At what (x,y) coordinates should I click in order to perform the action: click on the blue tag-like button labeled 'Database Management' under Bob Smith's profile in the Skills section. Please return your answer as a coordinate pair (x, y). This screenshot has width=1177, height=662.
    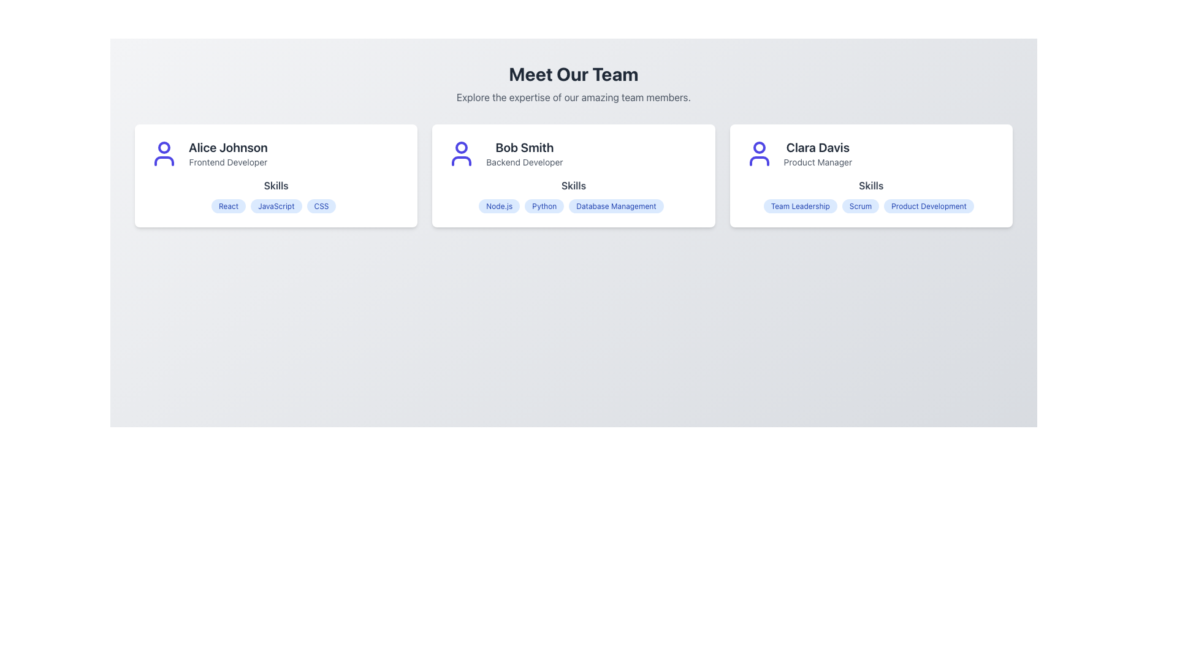
    Looking at the image, I should click on (616, 205).